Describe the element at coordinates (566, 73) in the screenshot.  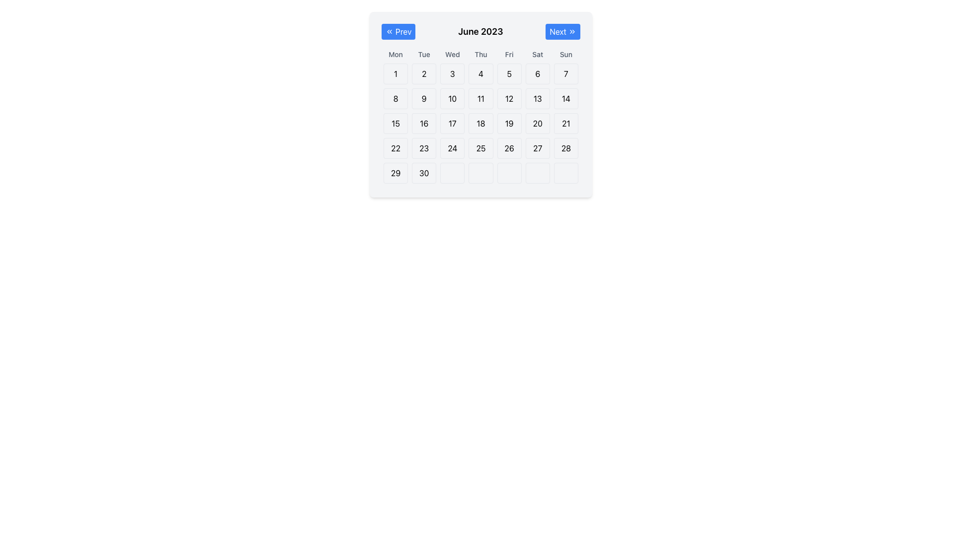
I see `the square button with rounded corners containing the digit '7' in bold, black text, located at the top-right corner of the button grid` at that location.